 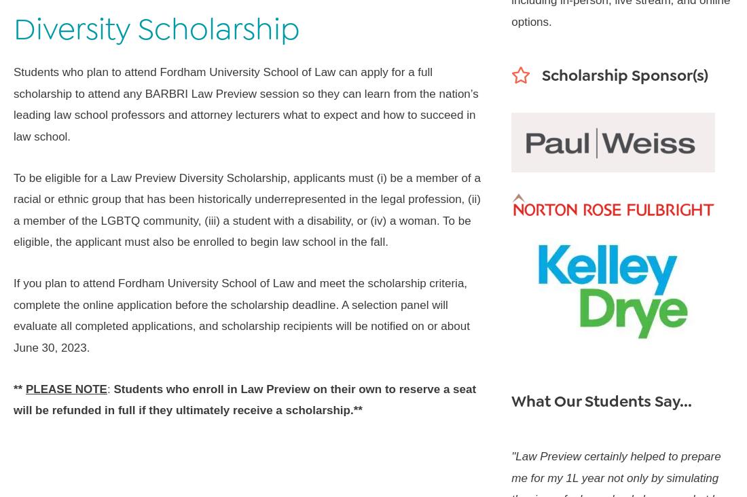 I want to click on 'Students who plan to attend Fordham University School of Law can apply for a full scholarship to attend any BARBRI Law Preview session so they can learn from the nation’s leading law school professors and attorney lecturers what to expect and how to succeed in law school.', so click(x=246, y=104).